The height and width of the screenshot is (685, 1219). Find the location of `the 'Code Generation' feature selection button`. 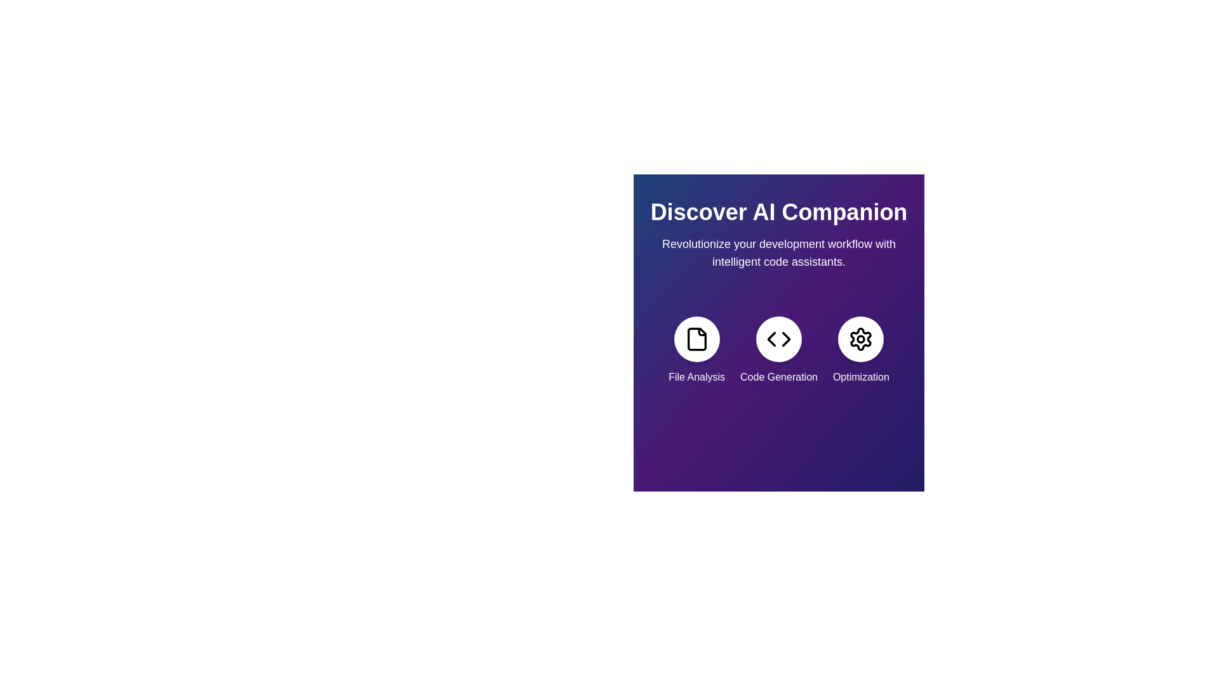

the 'Code Generation' feature selection button is located at coordinates (778, 350).